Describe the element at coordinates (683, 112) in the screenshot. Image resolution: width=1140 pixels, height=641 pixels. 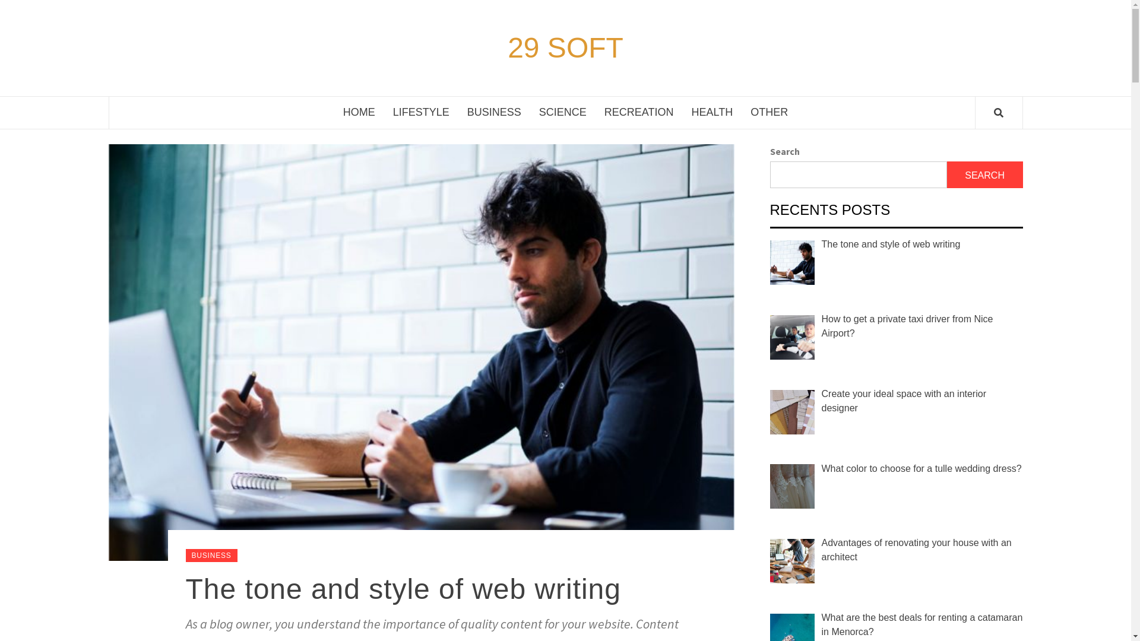
I see `'HEALTH'` at that location.